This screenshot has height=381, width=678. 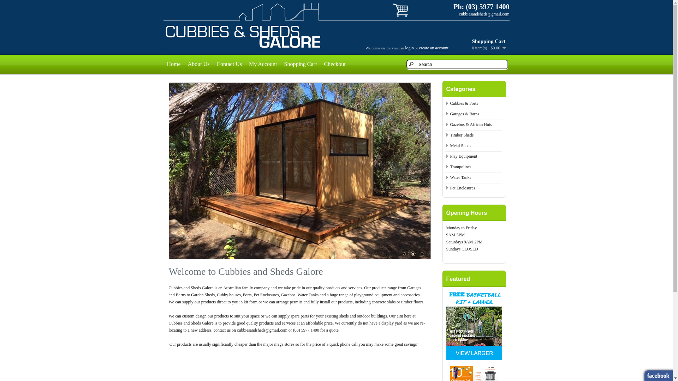 I want to click on 'Trampolines', so click(x=460, y=167).